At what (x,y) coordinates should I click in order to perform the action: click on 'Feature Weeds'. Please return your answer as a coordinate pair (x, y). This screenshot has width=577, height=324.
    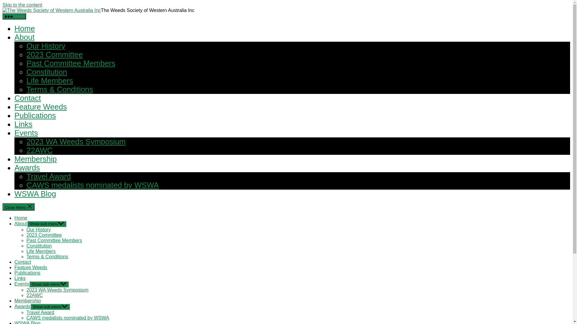
    Looking at the image, I should click on (30, 267).